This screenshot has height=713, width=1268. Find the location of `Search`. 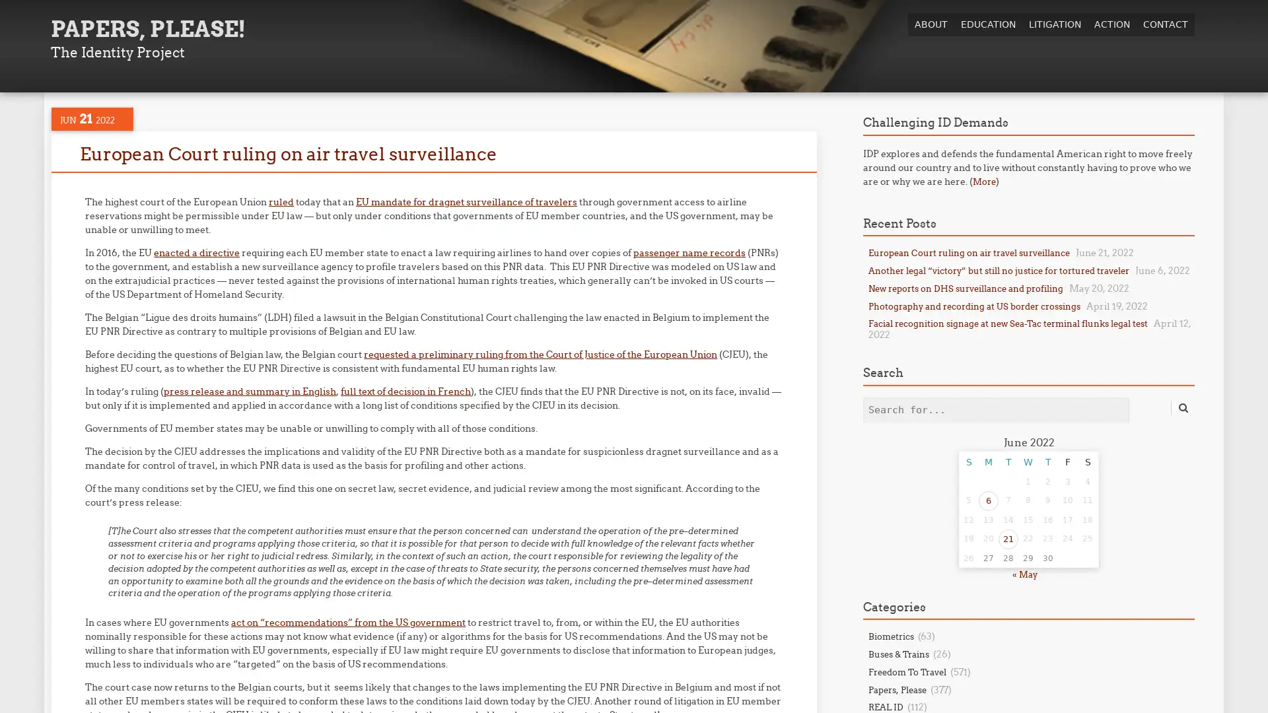

Search is located at coordinates (1182, 407).